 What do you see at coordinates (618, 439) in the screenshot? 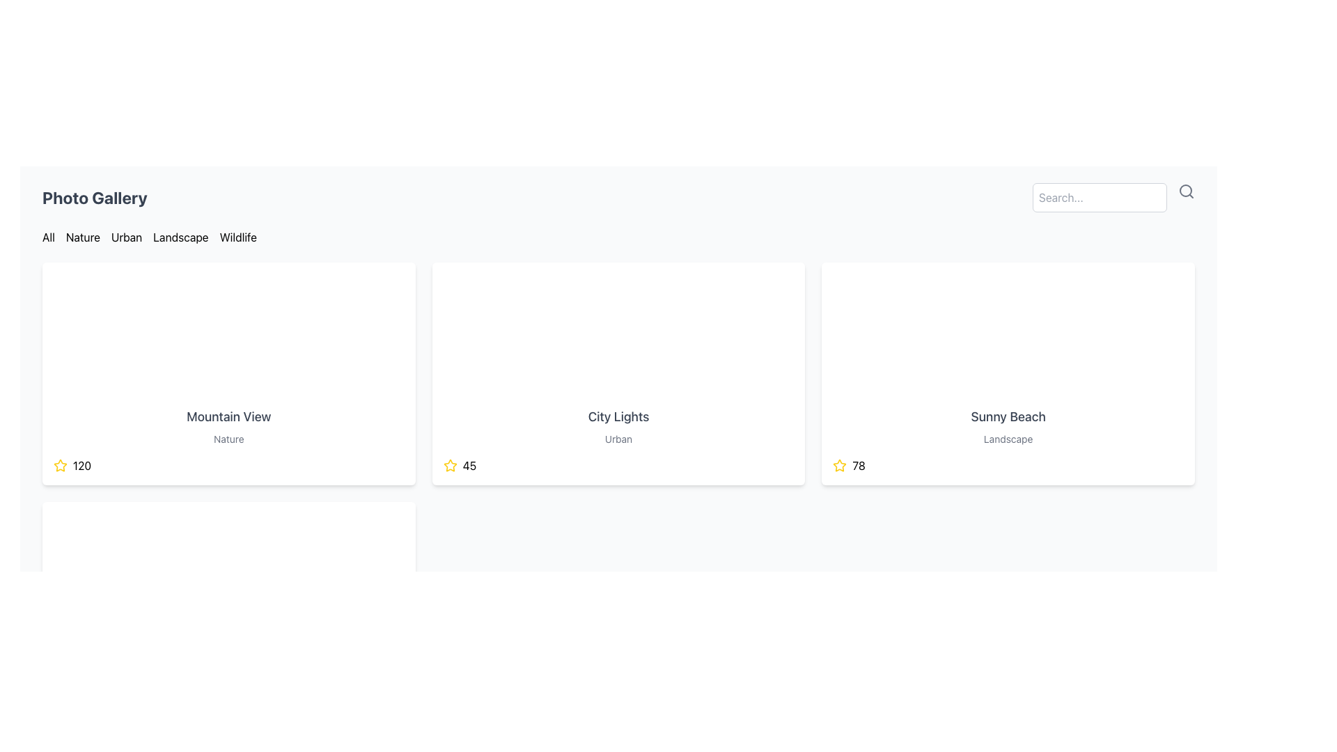
I see `the static text label 'Urban' which is styled in a small, gray font and positioned between 'City Lights' and '45' within a card-like layout` at bounding box center [618, 439].